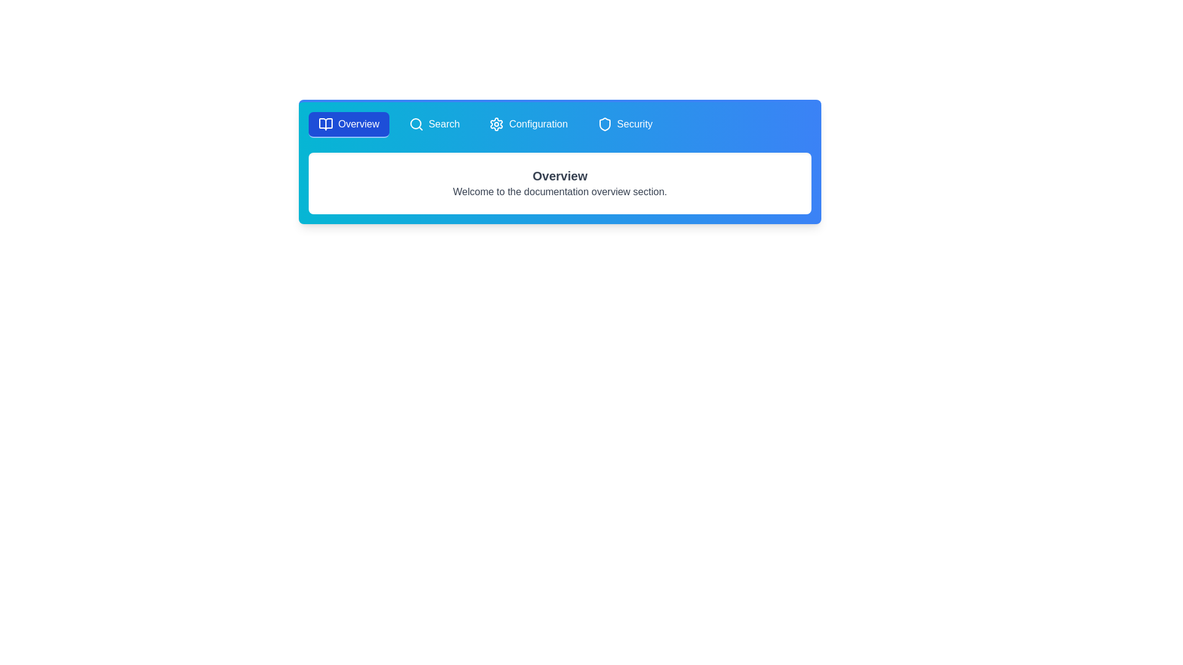  I want to click on the gear-like settings icon located in the blue navigation bar at the top of the interface, so click(497, 124).